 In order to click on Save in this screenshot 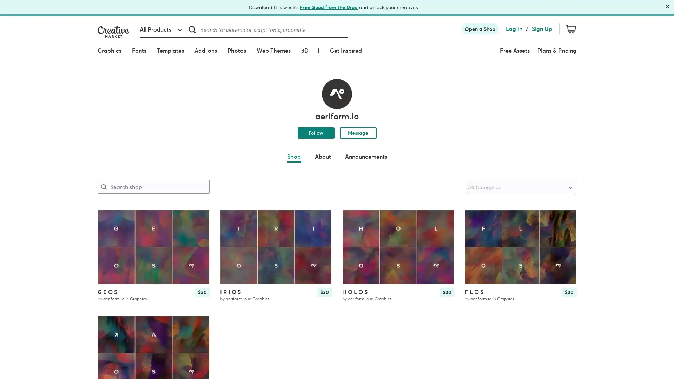, I will do `click(197, 232)`.